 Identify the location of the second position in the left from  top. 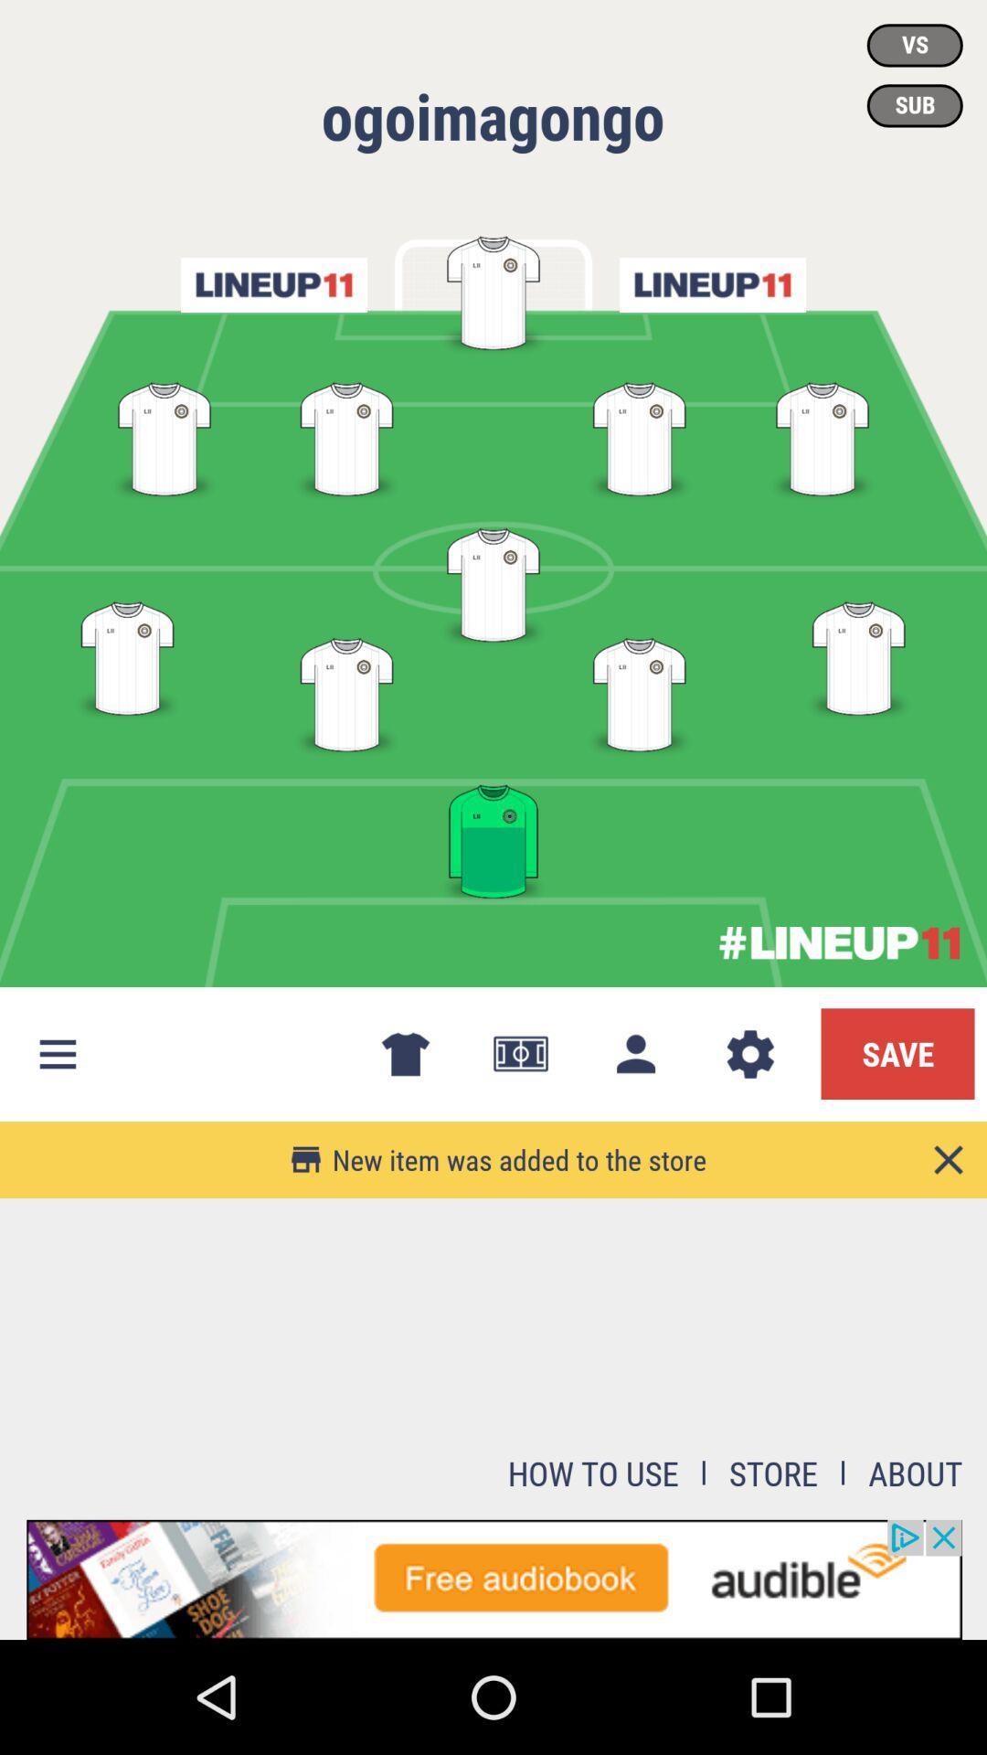
(347, 430).